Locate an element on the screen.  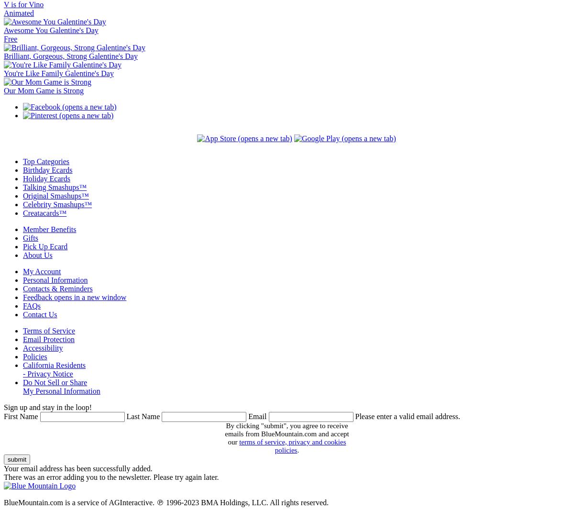
'Top Categories' is located at coordinates (46, 161).